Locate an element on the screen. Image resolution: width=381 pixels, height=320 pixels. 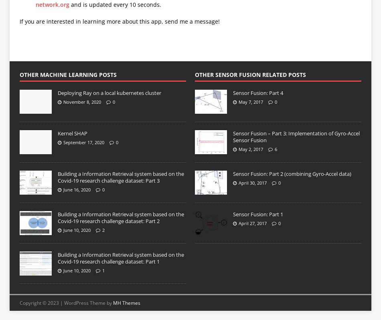
'May 7, 2017' is located at coordinates (238, 101).